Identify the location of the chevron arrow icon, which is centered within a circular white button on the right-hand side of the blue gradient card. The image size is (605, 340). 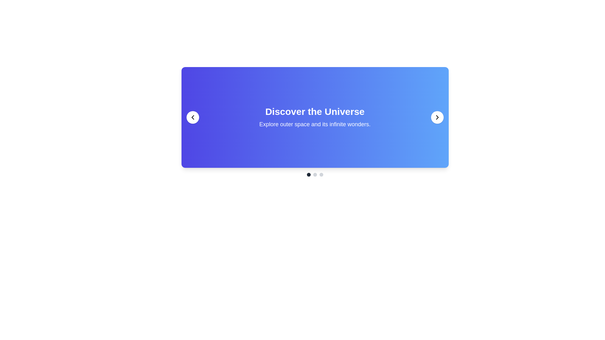
(437, 117).